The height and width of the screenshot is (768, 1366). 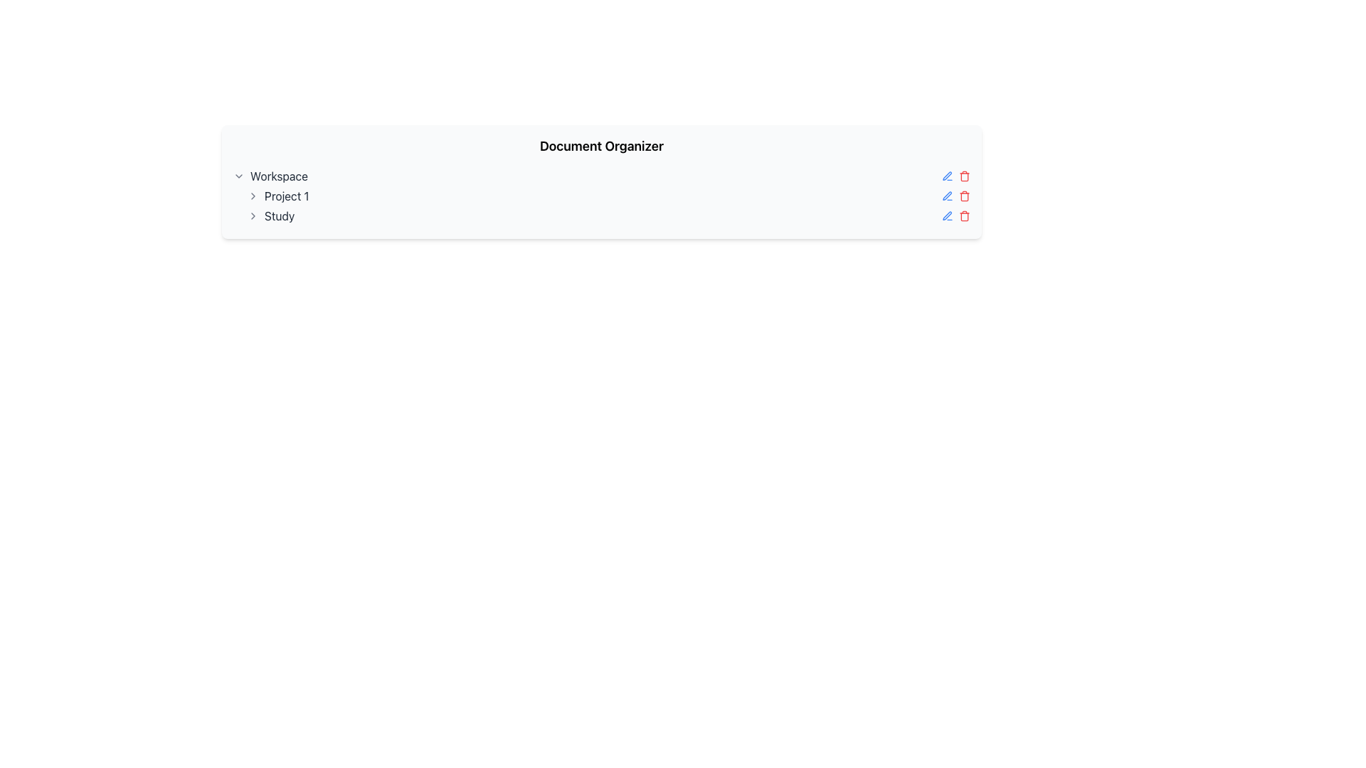 I want to click on the chevron icon next to the text label 'Project 1', so click(x=253, y=196).